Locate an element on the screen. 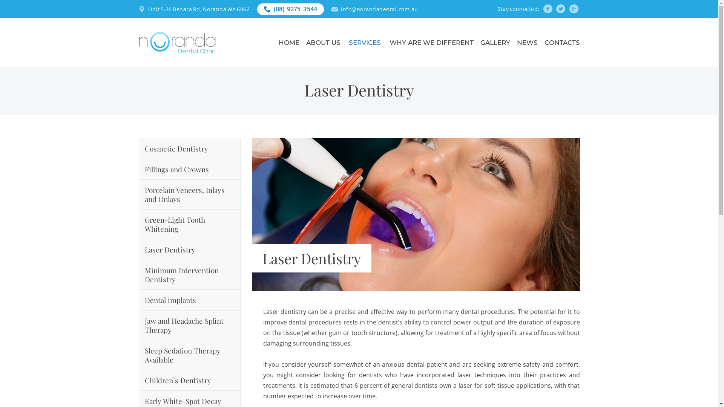 This screenshot has height=407, width=724. 'Children`s Dentistry' is located at coordinates (189, 380).